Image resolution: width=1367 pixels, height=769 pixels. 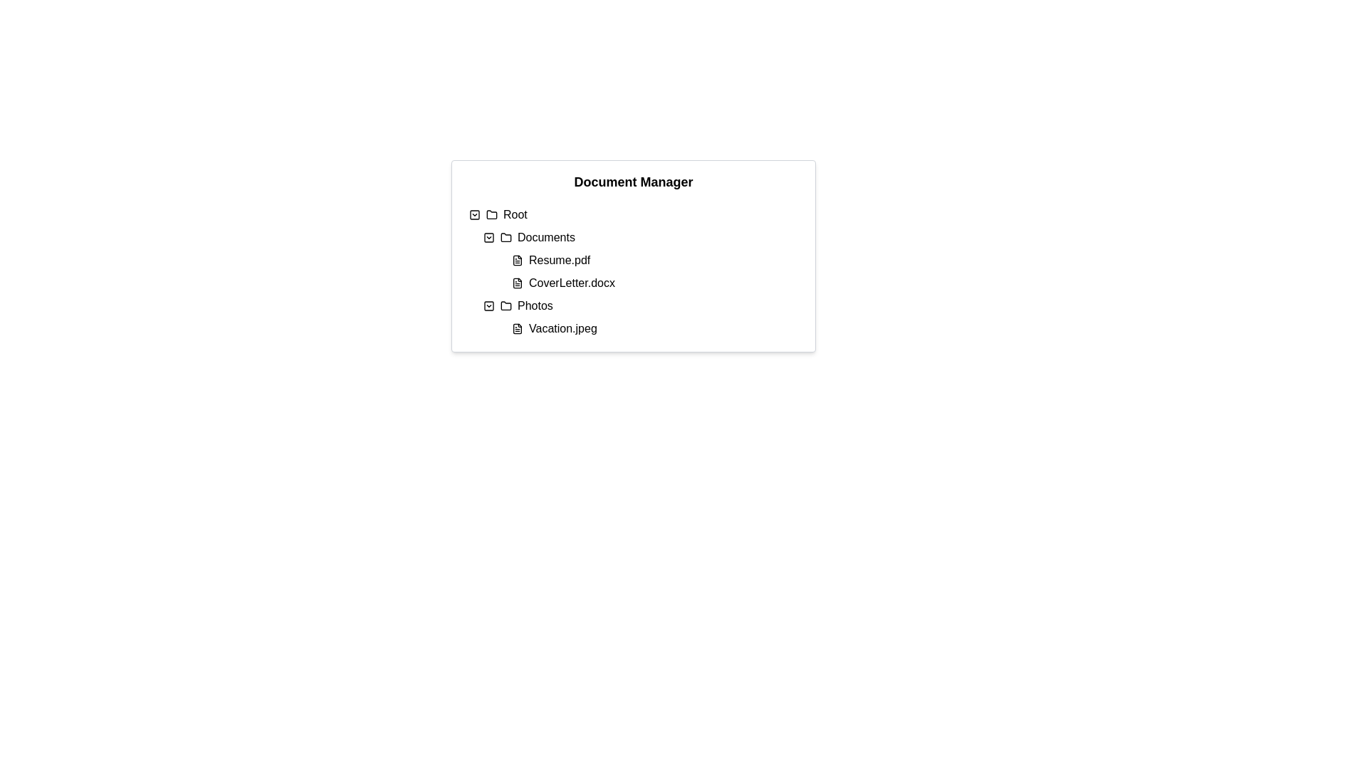 I want to click on the small downward-facing arrow icon located near the text labeled 'Documents', so click(x=488, y=237).